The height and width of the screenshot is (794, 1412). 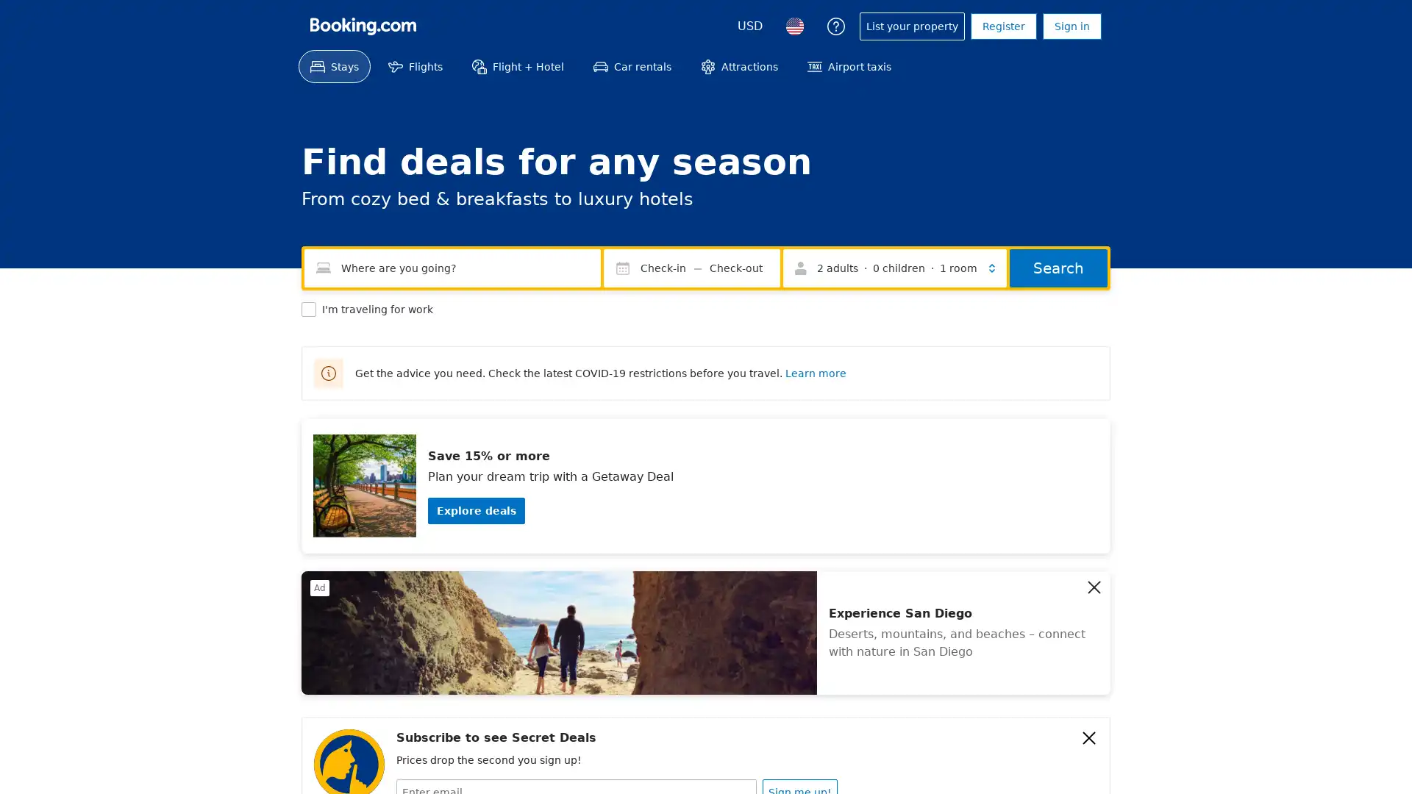 I want to click on Choose your language. Your current language is English (US), so click(x=794, y=26).